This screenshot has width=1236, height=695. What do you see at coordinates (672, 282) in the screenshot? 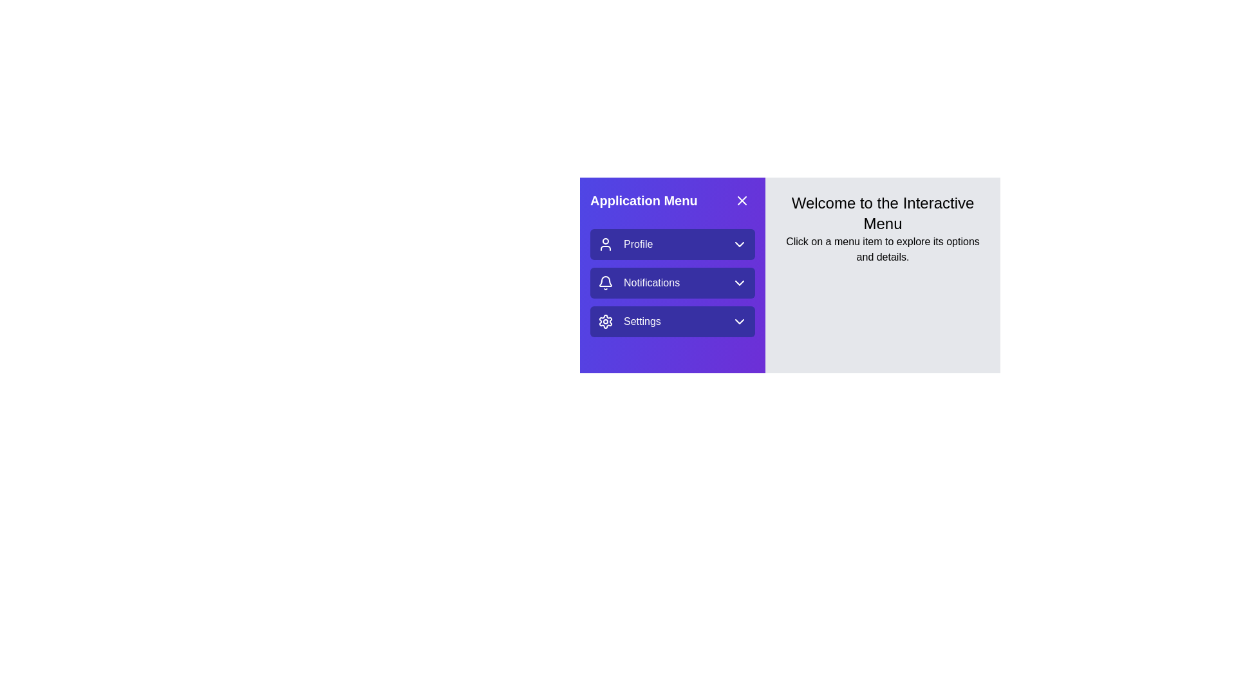
I see `the 'Notifications' menu item, which is styled with a white text label and a bell-shaped icon on a purple background, located between 'Profile' and 'Settings' in the Application Menu` at bounding box center [672, 282].